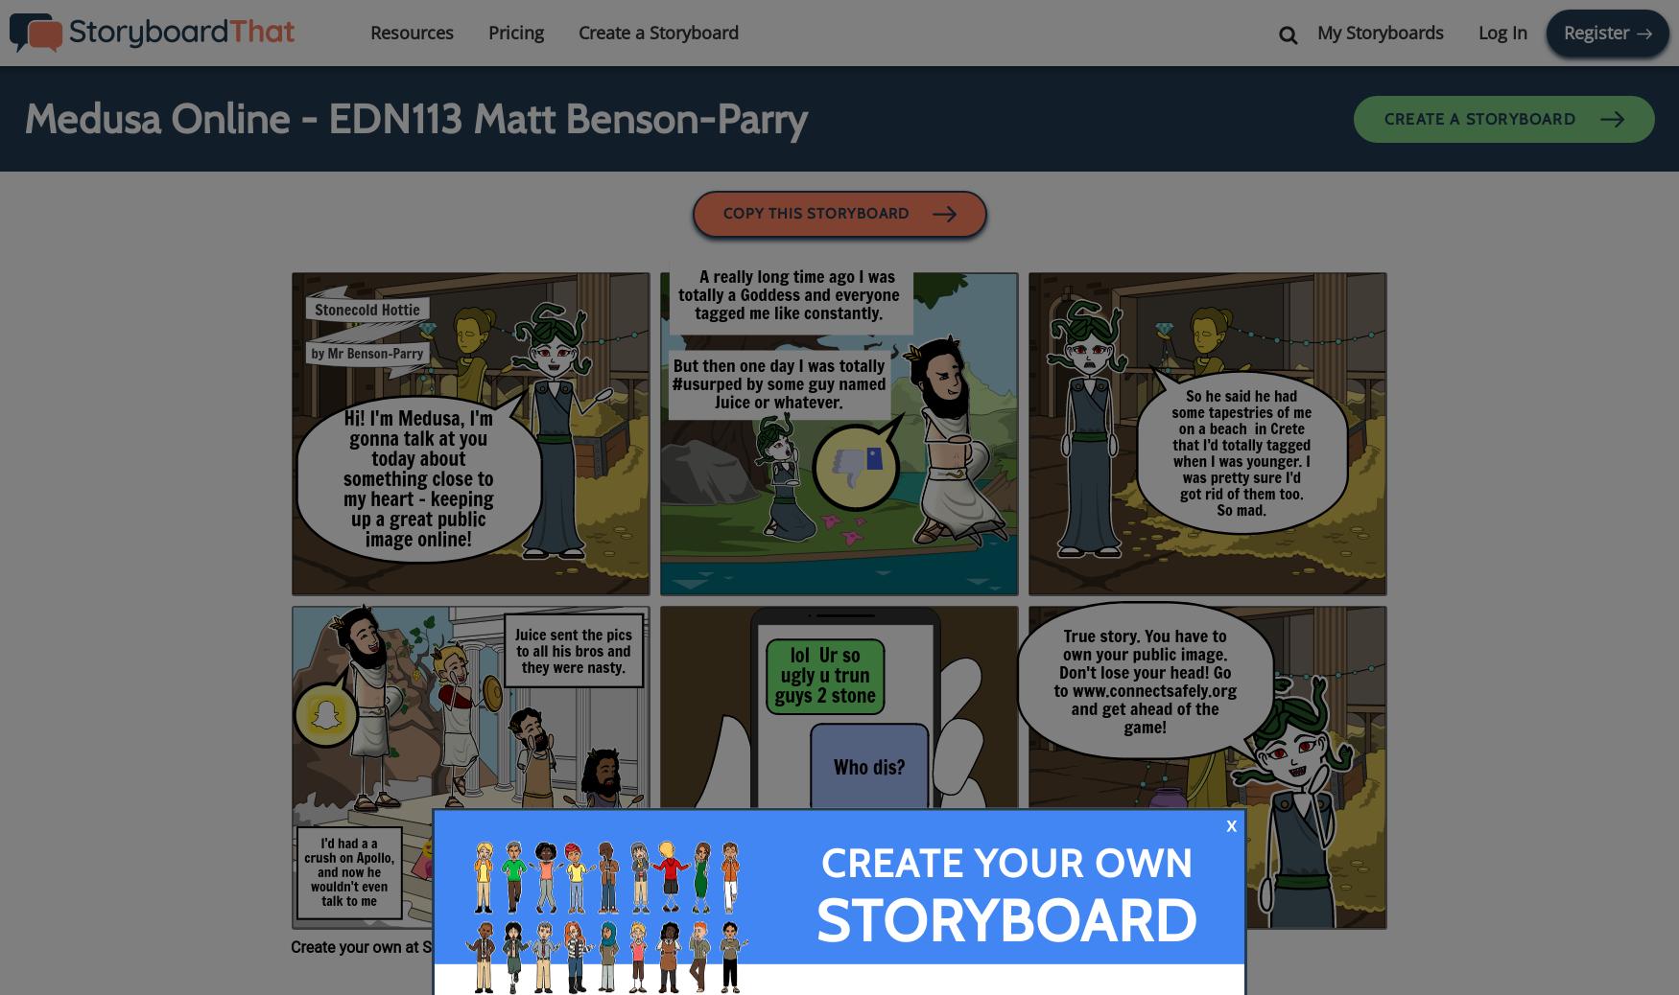  I want to click on 'Copy this Storyboard', so click(817, 212).